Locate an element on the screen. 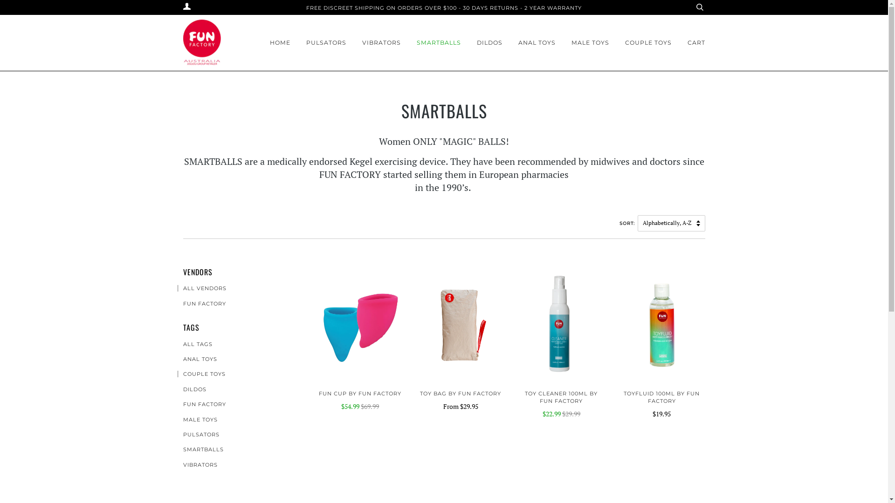 Image resolution: width=895 pixels, height=503 pixels. 'SMARTBALLS' is located at coordinates (200, 449).